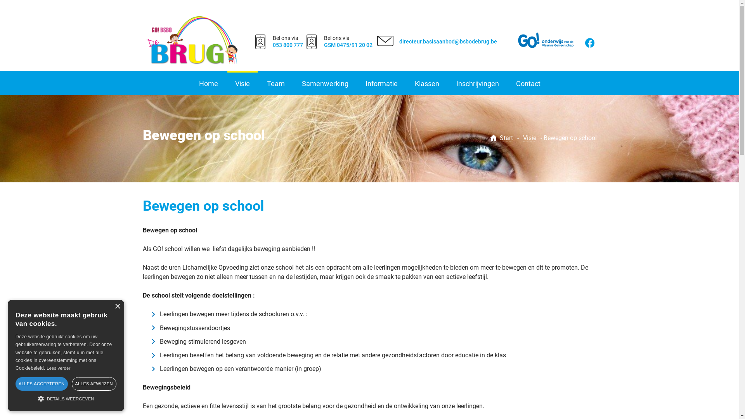 The height and width of the screenshot is (419, 745). I want to click on 'Samenwerking', so click(294, 84).